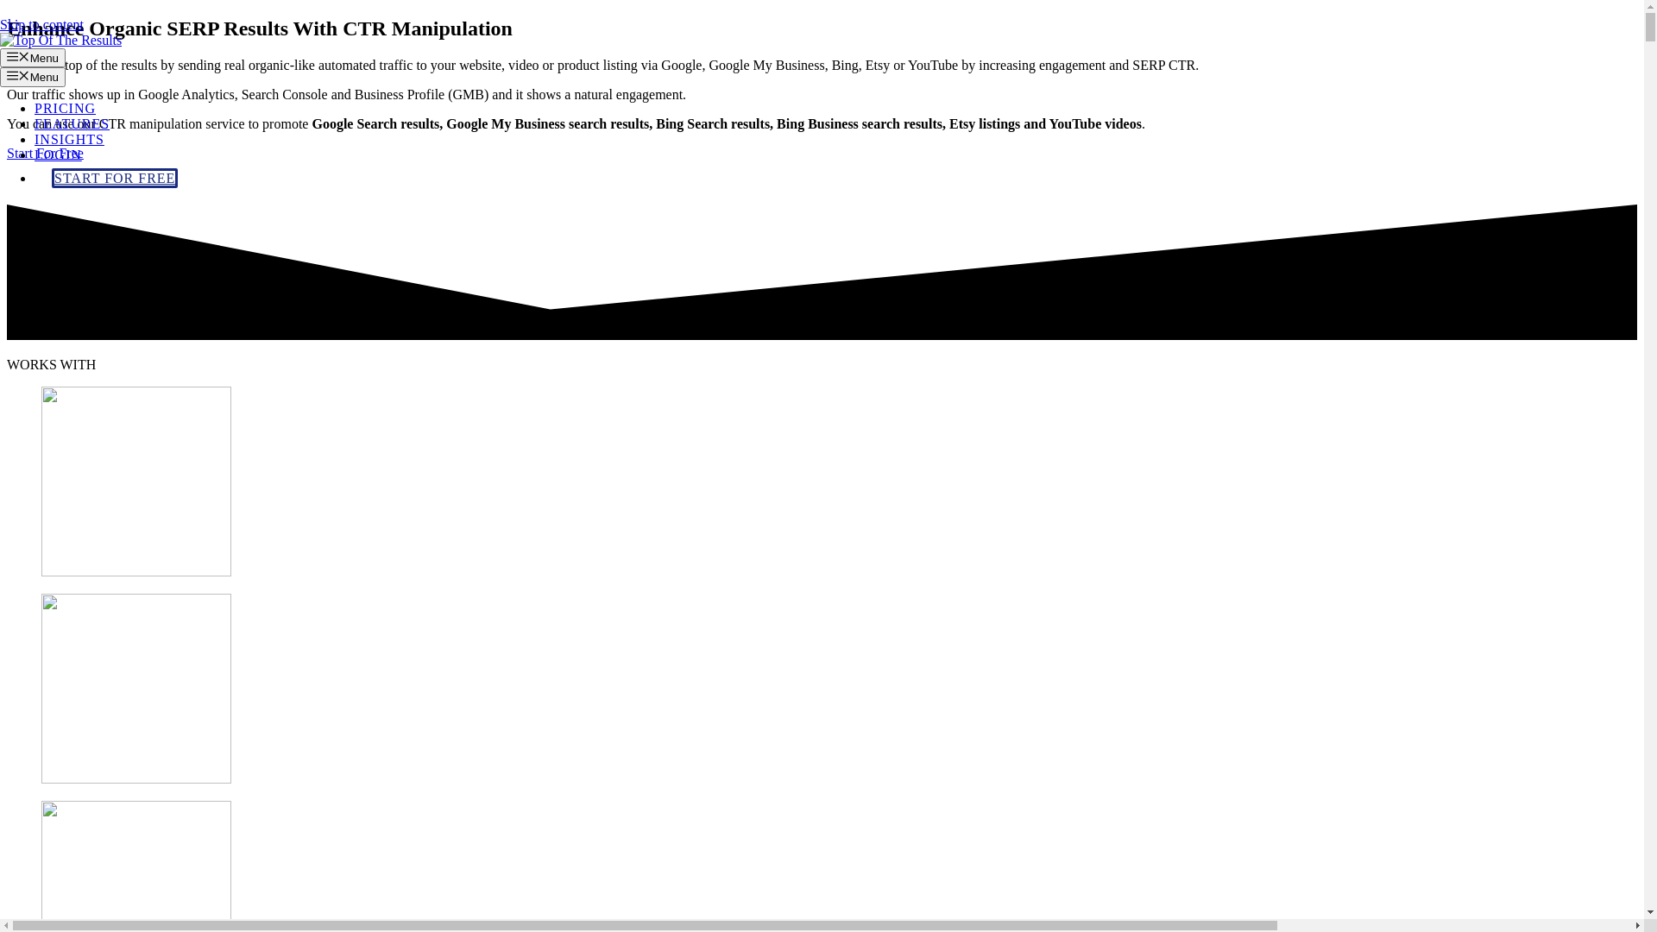 This screenshot has height=932, width=1657. I want to click on 'Menu', so click(33, 75).